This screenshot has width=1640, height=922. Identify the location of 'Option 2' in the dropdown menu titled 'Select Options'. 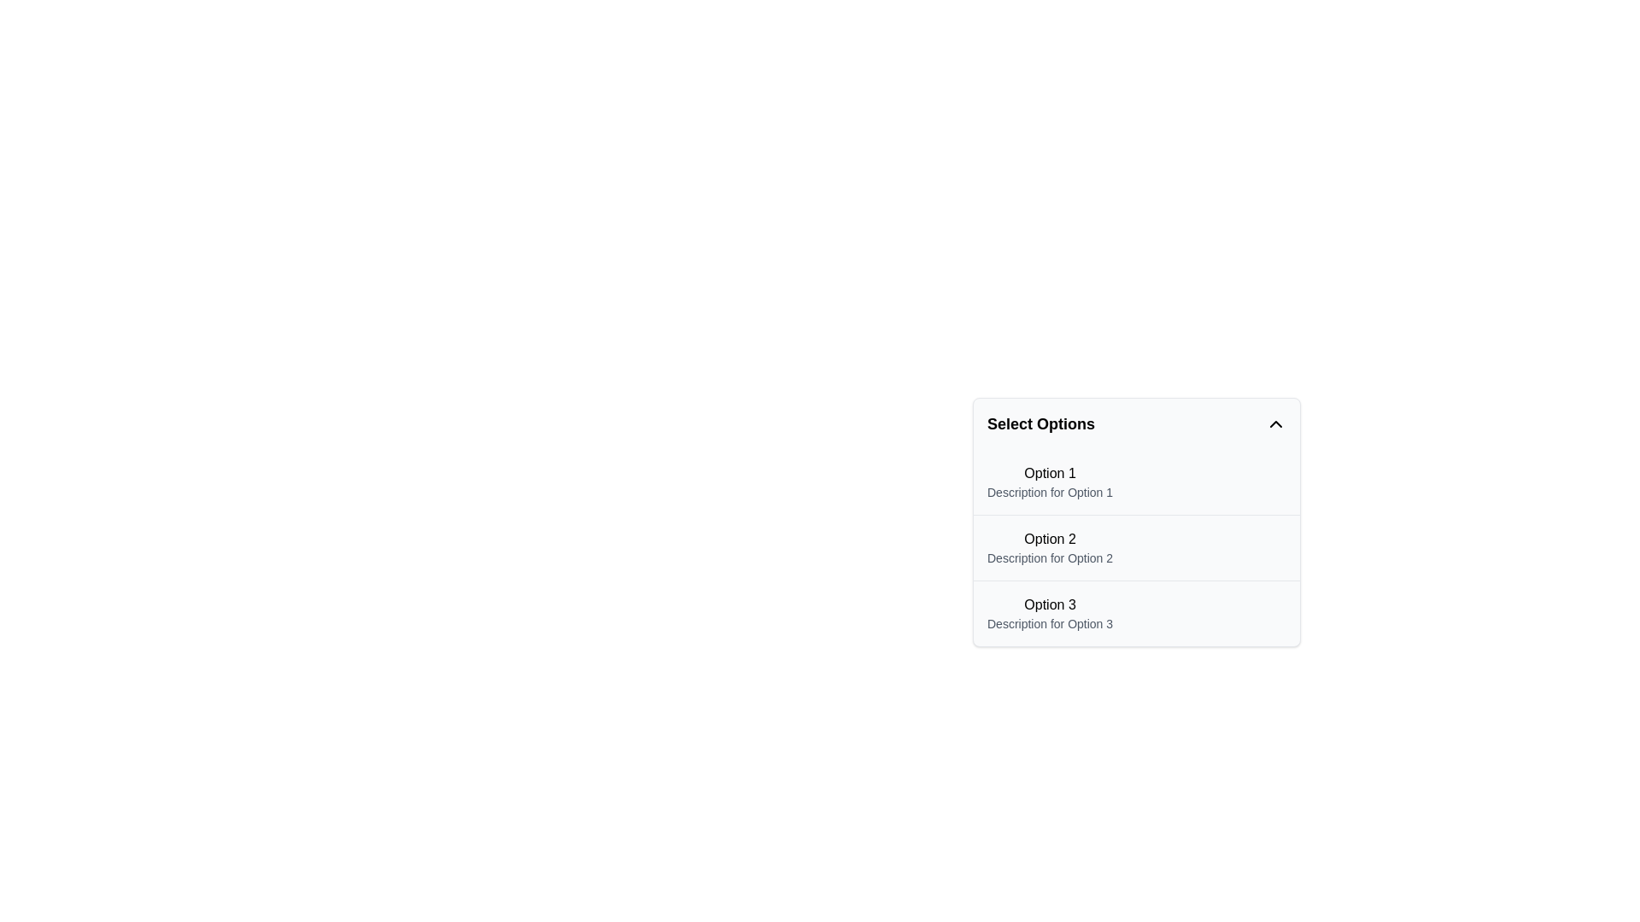
(1136, 522).